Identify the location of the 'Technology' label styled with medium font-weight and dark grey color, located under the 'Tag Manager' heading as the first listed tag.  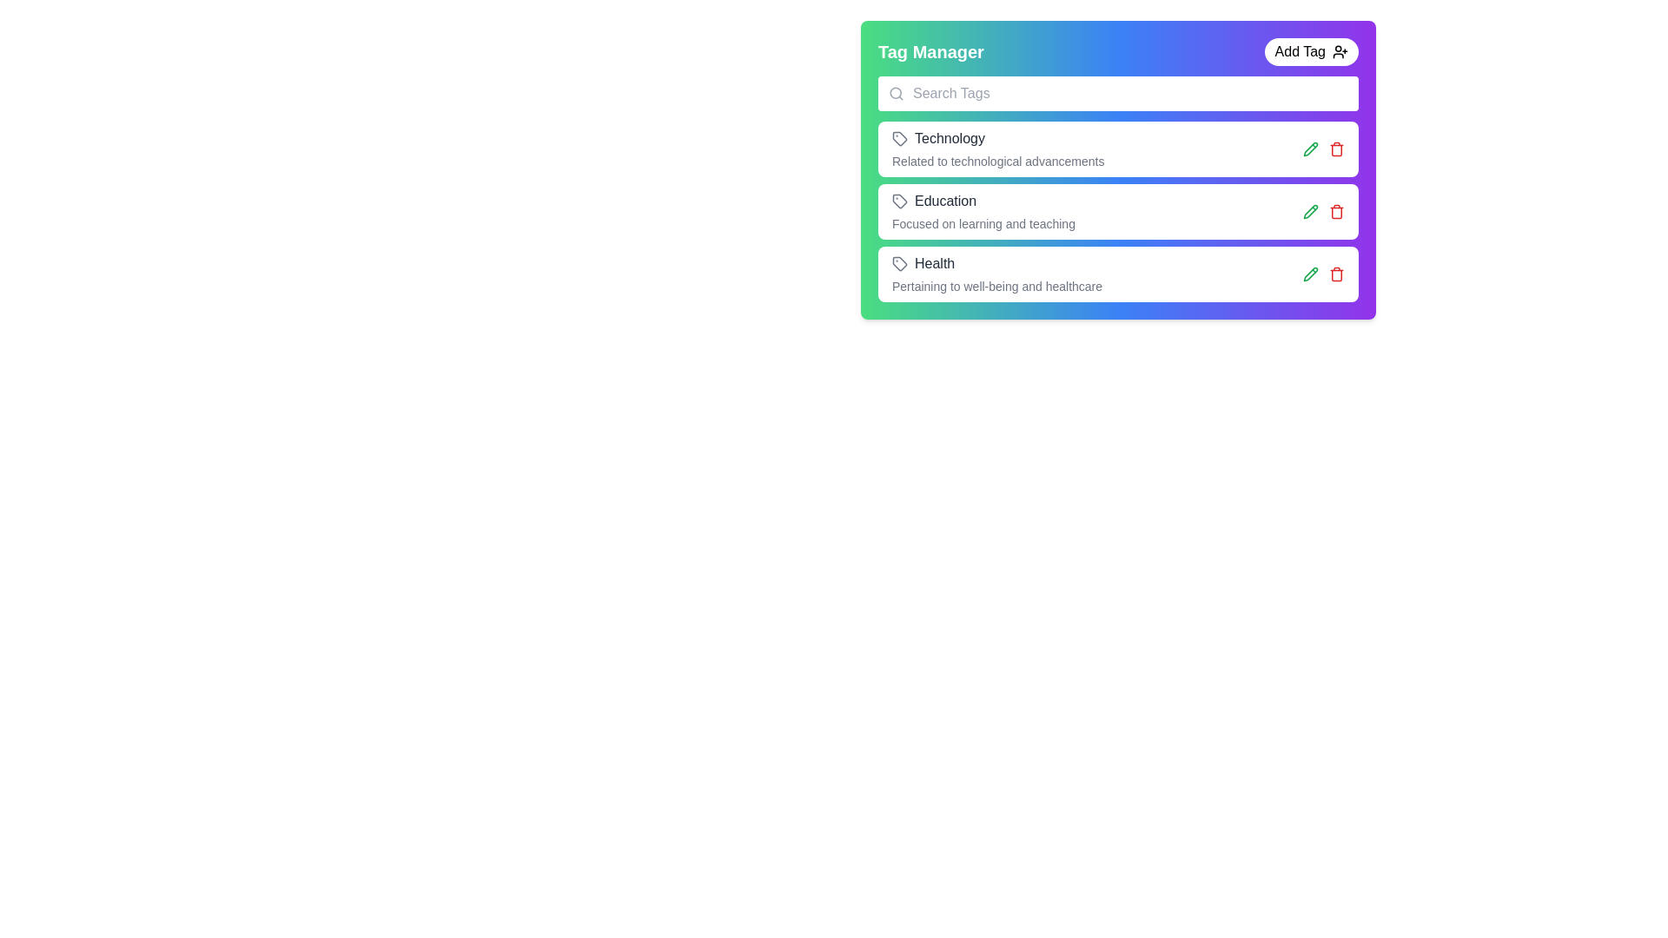
(949, 137).